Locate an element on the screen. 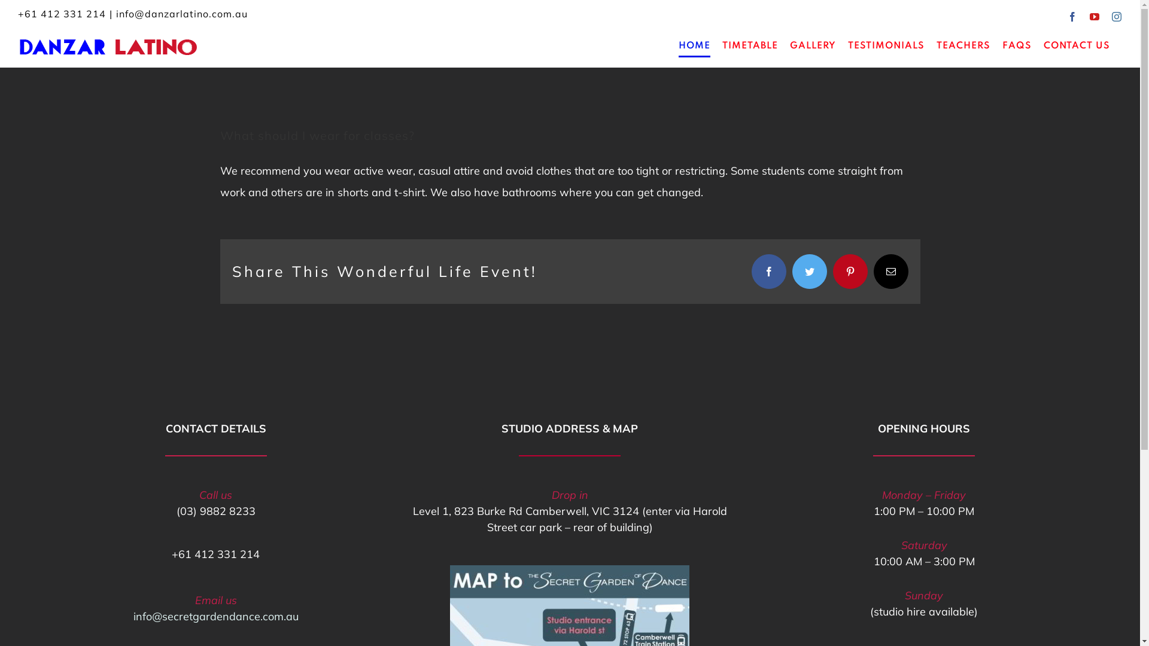 The height and width of the screenshot is (646, 1149). 'info@danzarlatino.com.au' is located at coordinates (181, 14).